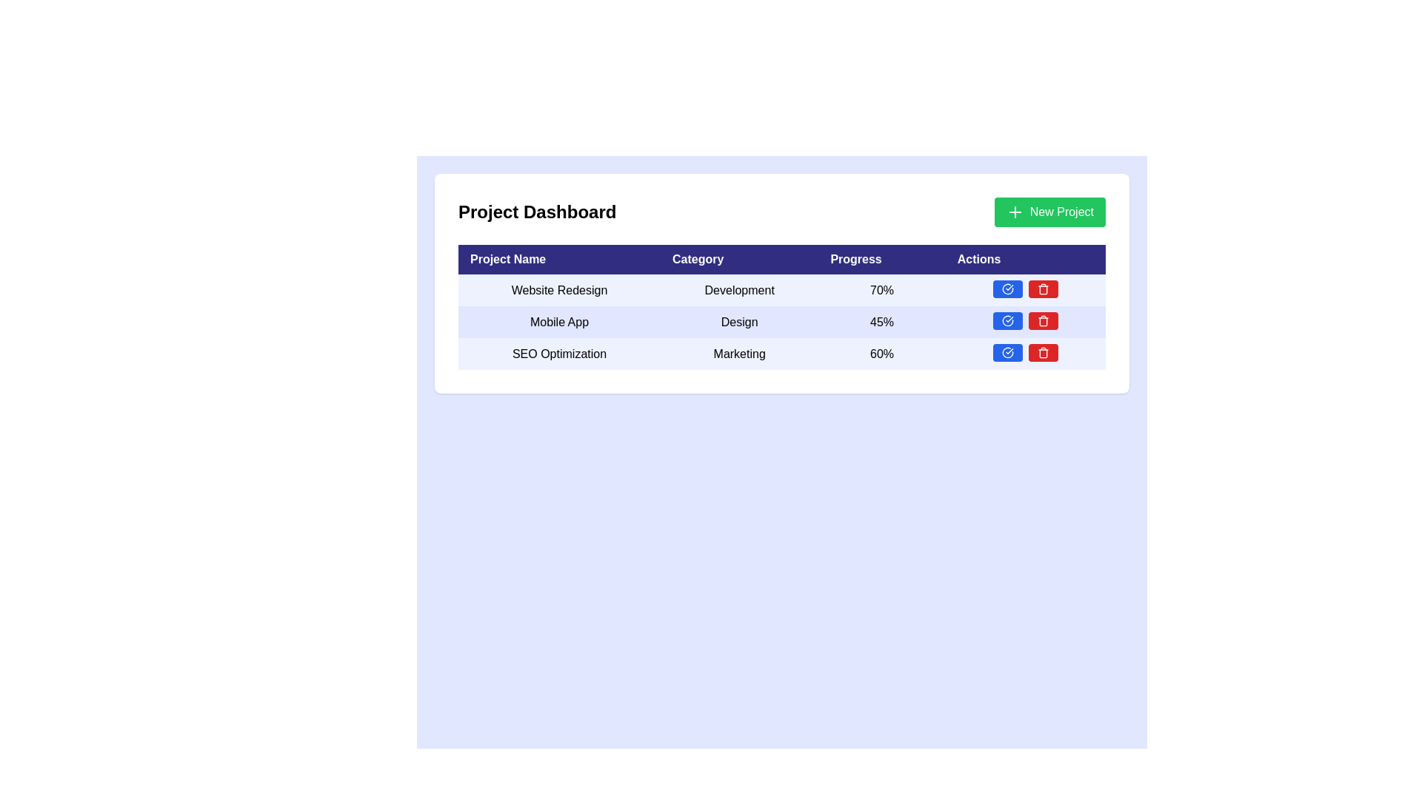 Image resolution: width=1422 pixels, height=799 pixels. I want to click on the text label displaying '70%' in bold black font, located under the 'Progress' header in the row for the 'Website Redesign' project, so click(881, 290).